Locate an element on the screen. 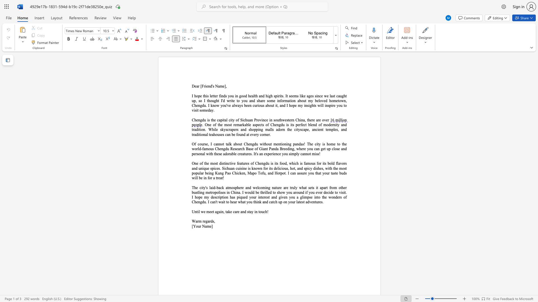 The height and width of the screenshot is (302, 538). the subset text "nd I hope my insight" within the text "always been curious about it, and I hope my insights will inspire you to visit someday." is located at coordinates (281, 105).